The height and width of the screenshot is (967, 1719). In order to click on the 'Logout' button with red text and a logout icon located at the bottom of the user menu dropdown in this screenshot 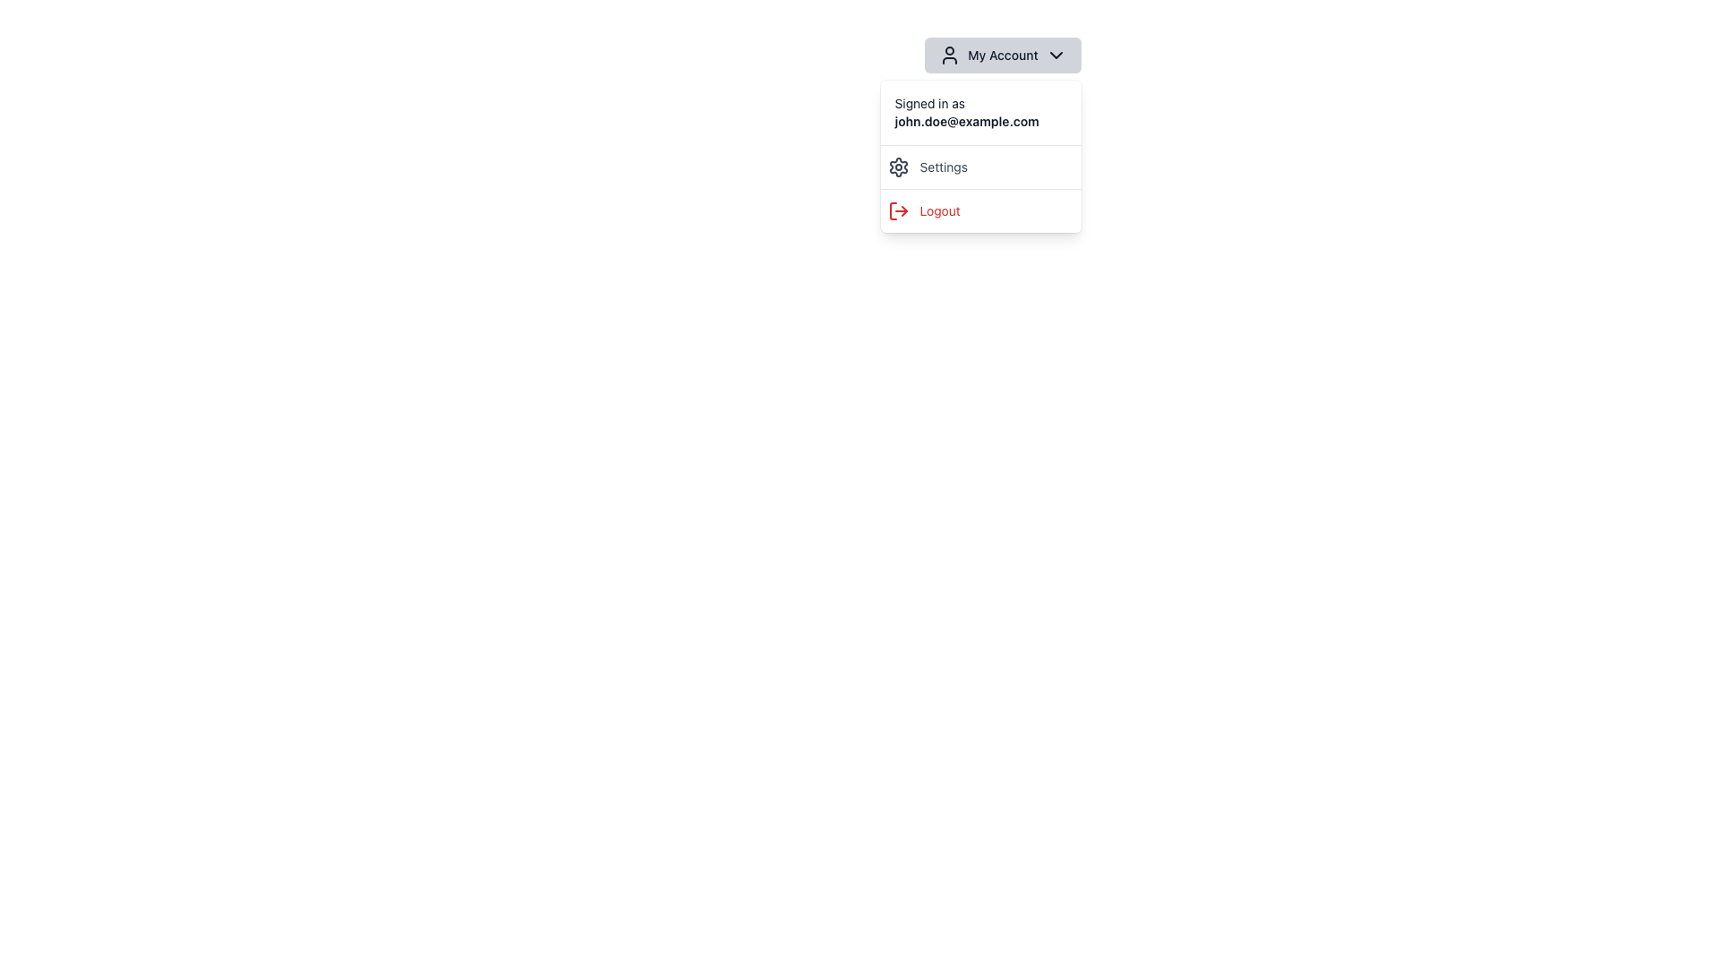, I will do `click(979, 210)`.